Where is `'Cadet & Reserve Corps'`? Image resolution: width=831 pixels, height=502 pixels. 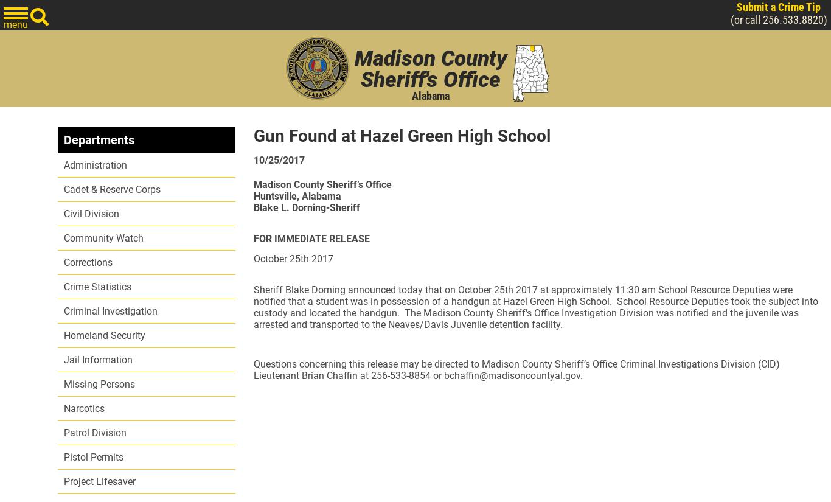
'Cadet & Reserve Corps' is located at coordinates (64, 189).